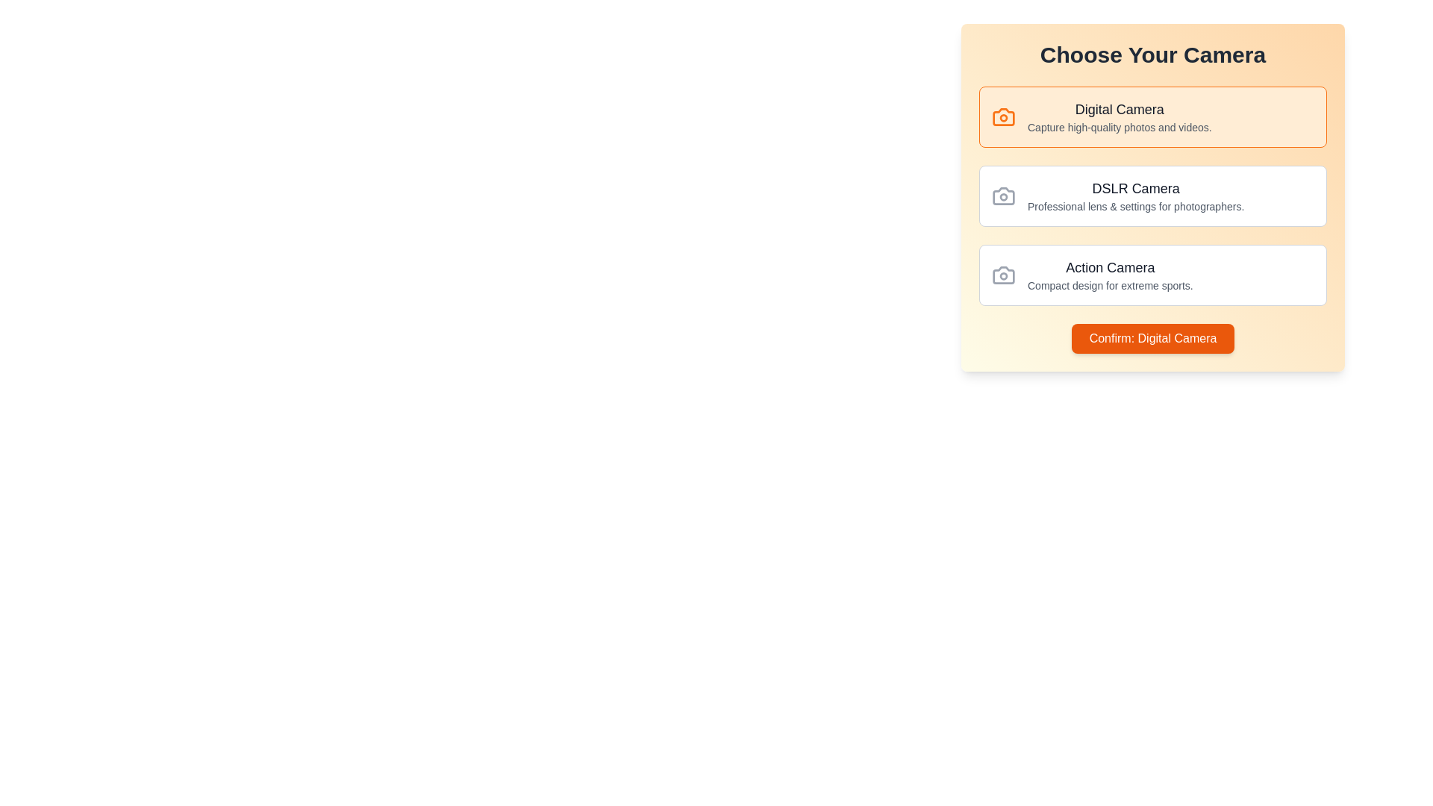 The height and width of the screenshot is (806, 1433). What do you see at coordinates (1110, 266) in the screenshot?
I see `the 'Action Camera' text label displayed prominently in a bold, larger font within the camera options section` at bounding box center [1110, 266].